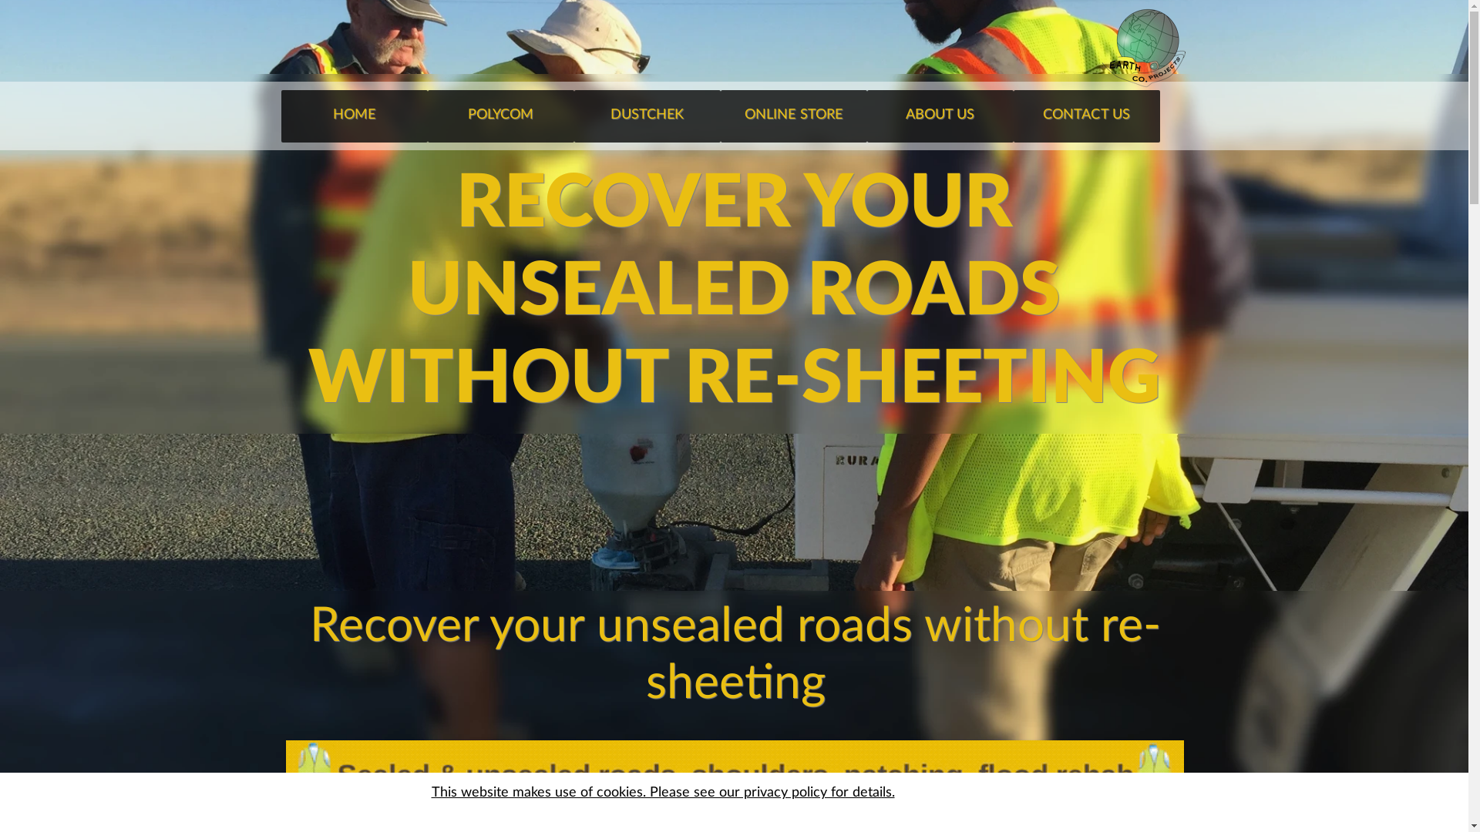  Describe the element at coordinates (733, 777) in the screenshot. I see `'Rural road asset management with PolyCoom Stabilising Aid.'` at that location.